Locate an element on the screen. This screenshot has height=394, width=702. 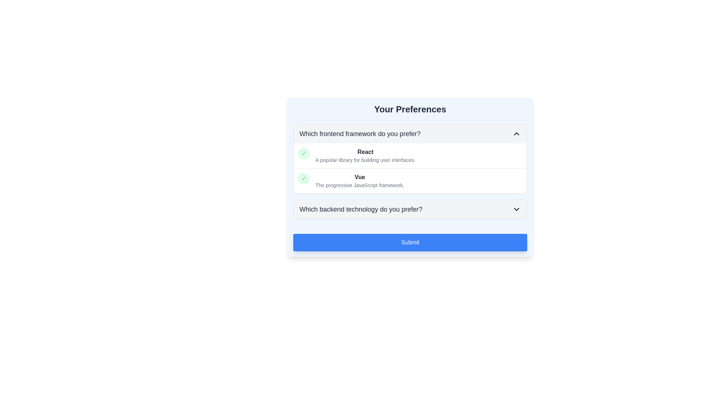
the Text label displaying 'Vue' in dark gray at the top of the section titled 'Which frontend framework do you prefer?' is located at coordinates (360, 177).